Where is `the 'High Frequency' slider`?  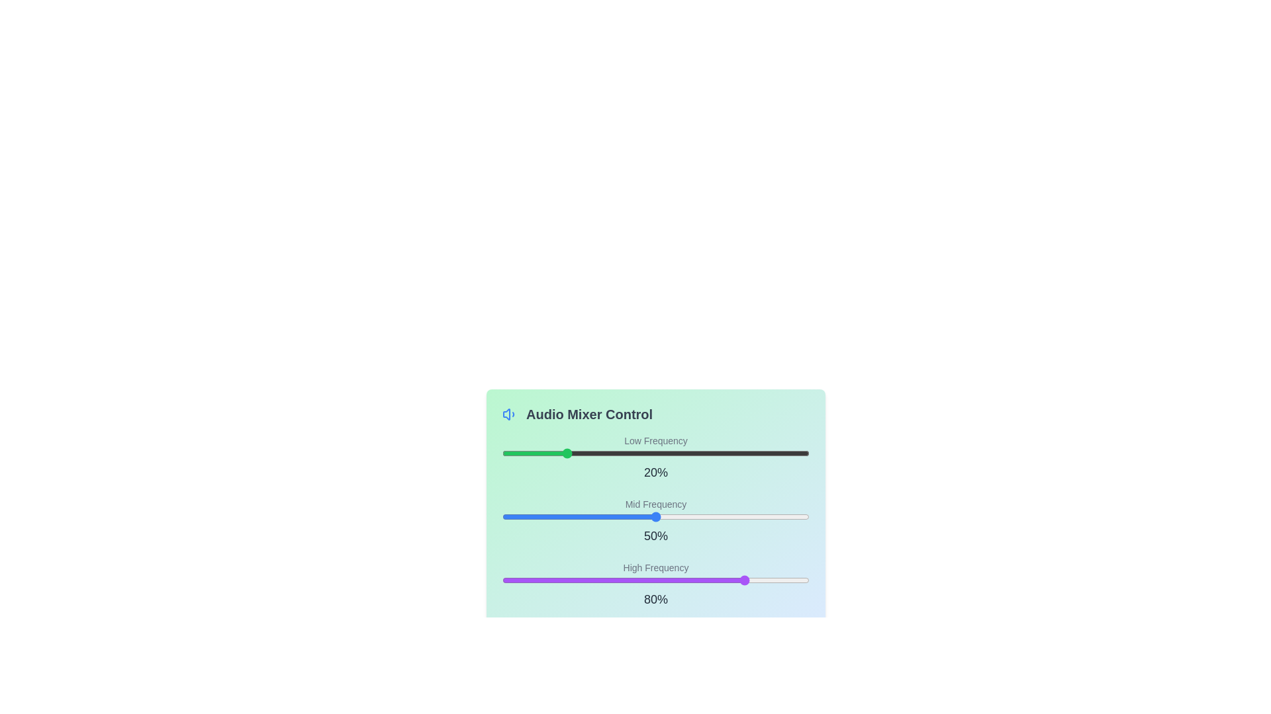 the 'High Frequency' slider is located at coordinates (757, 580).